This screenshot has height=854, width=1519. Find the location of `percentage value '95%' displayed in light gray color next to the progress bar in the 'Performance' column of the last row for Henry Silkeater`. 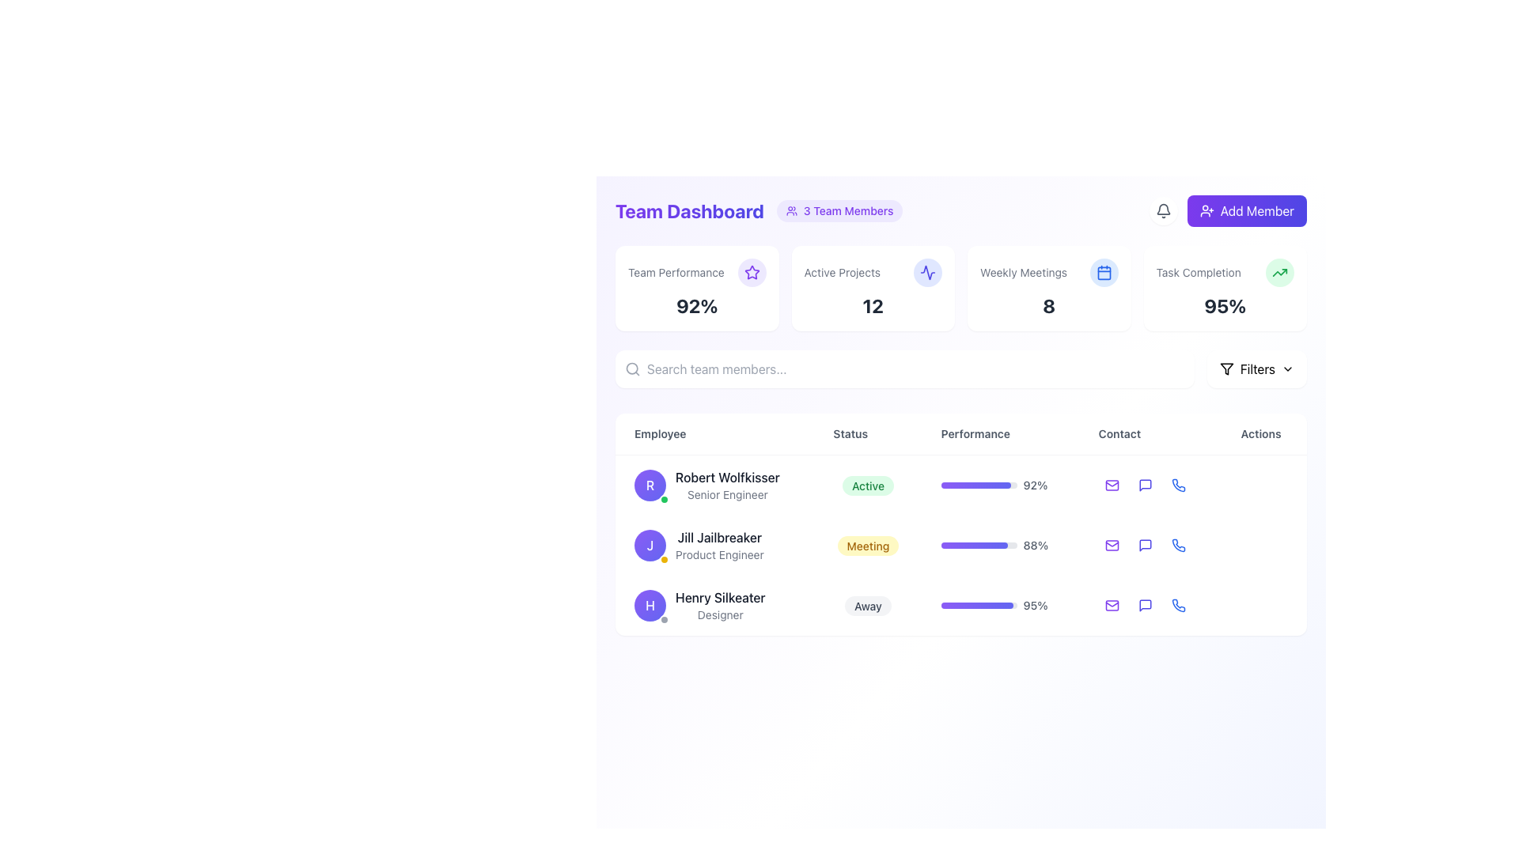

percentage value '95%' displayed in light gray color next to the progress bar in the 'Performance' column of the last row for Henry Silkeater is located at coordinates (1036, 605).